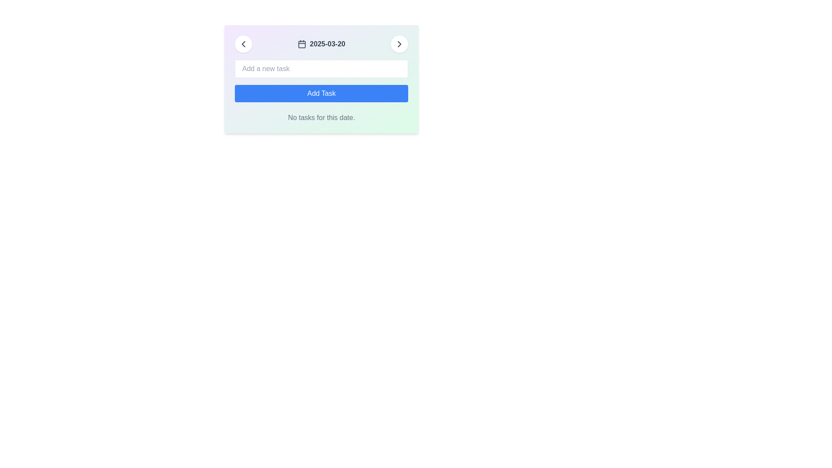 The height and width of the screenshot is (468, 832). Describe the element at coordinates (321, 44) in the screenshot. I see `the Date display area that shows the date '2025-03-20' with a calendar icon on the left, which is horizontally centered at the top section of the interface` at that location.